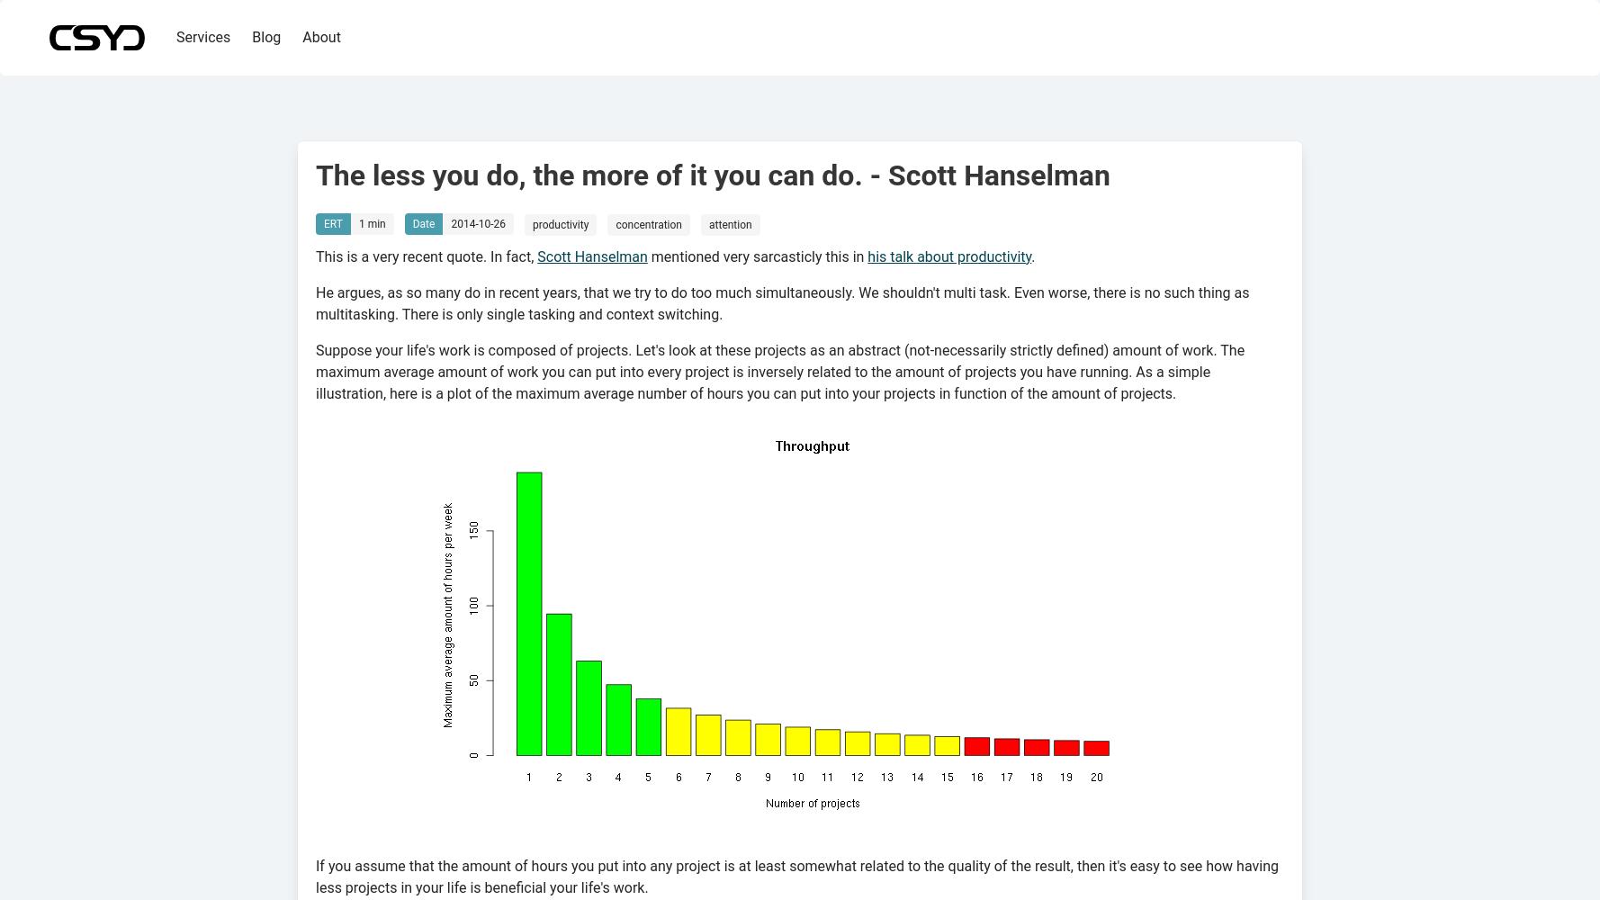 This screenshot has width=1600, height=900. I want to click on 'About', so click(320, 37).